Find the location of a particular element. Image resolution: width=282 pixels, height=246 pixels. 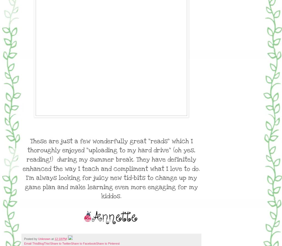

'Posted by' is located at coordinates (31, 239).